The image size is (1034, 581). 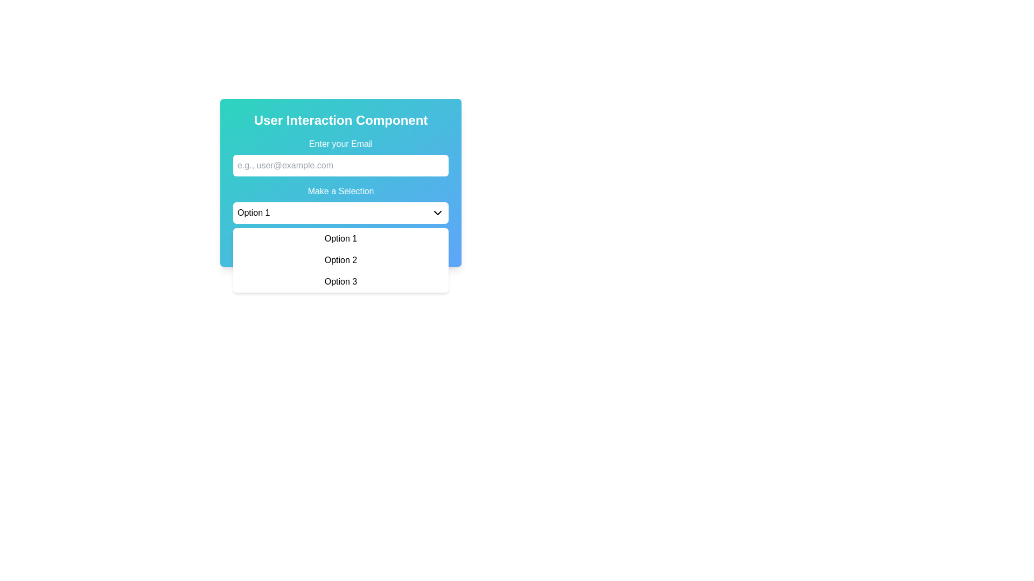 I want to click on the third option in the dropdown list, labeled 'Option 3', so click(x=340, y=281).